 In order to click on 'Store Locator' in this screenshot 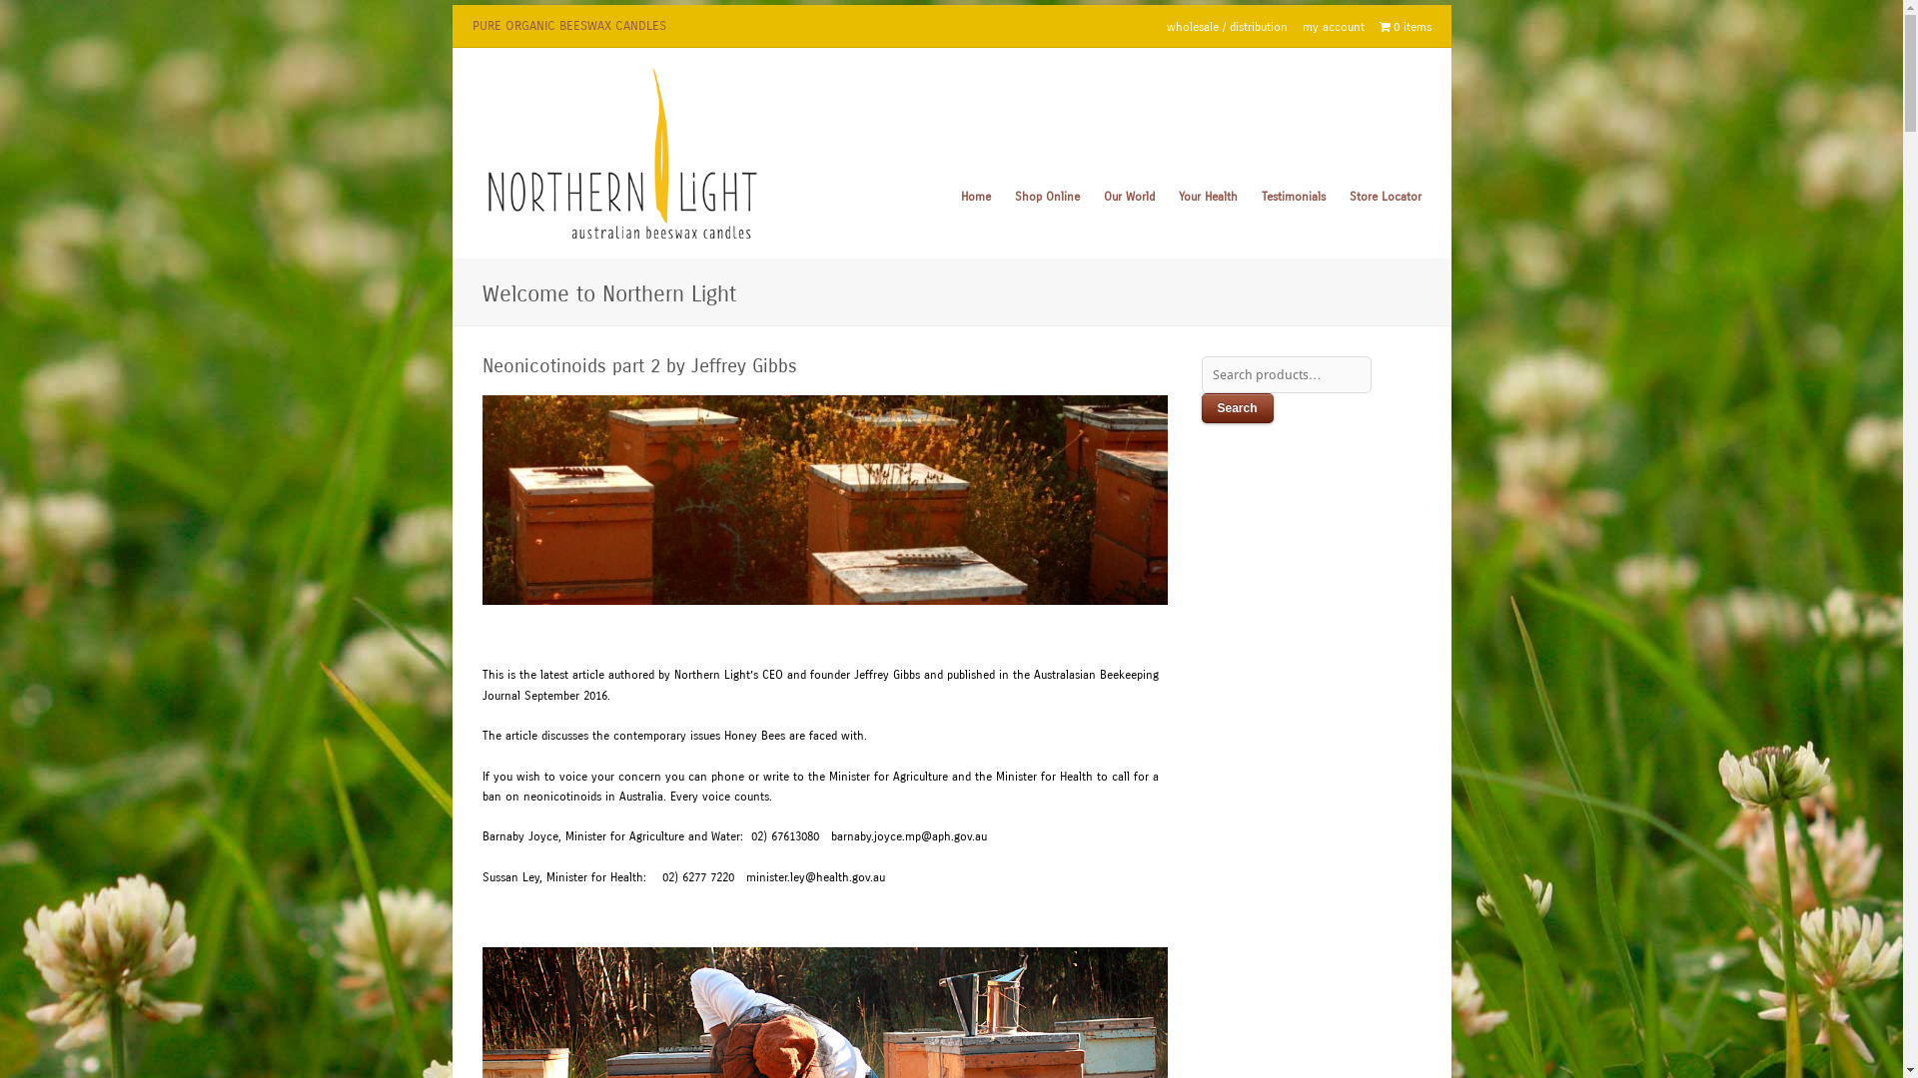, I will do `click(1384, 197)`.